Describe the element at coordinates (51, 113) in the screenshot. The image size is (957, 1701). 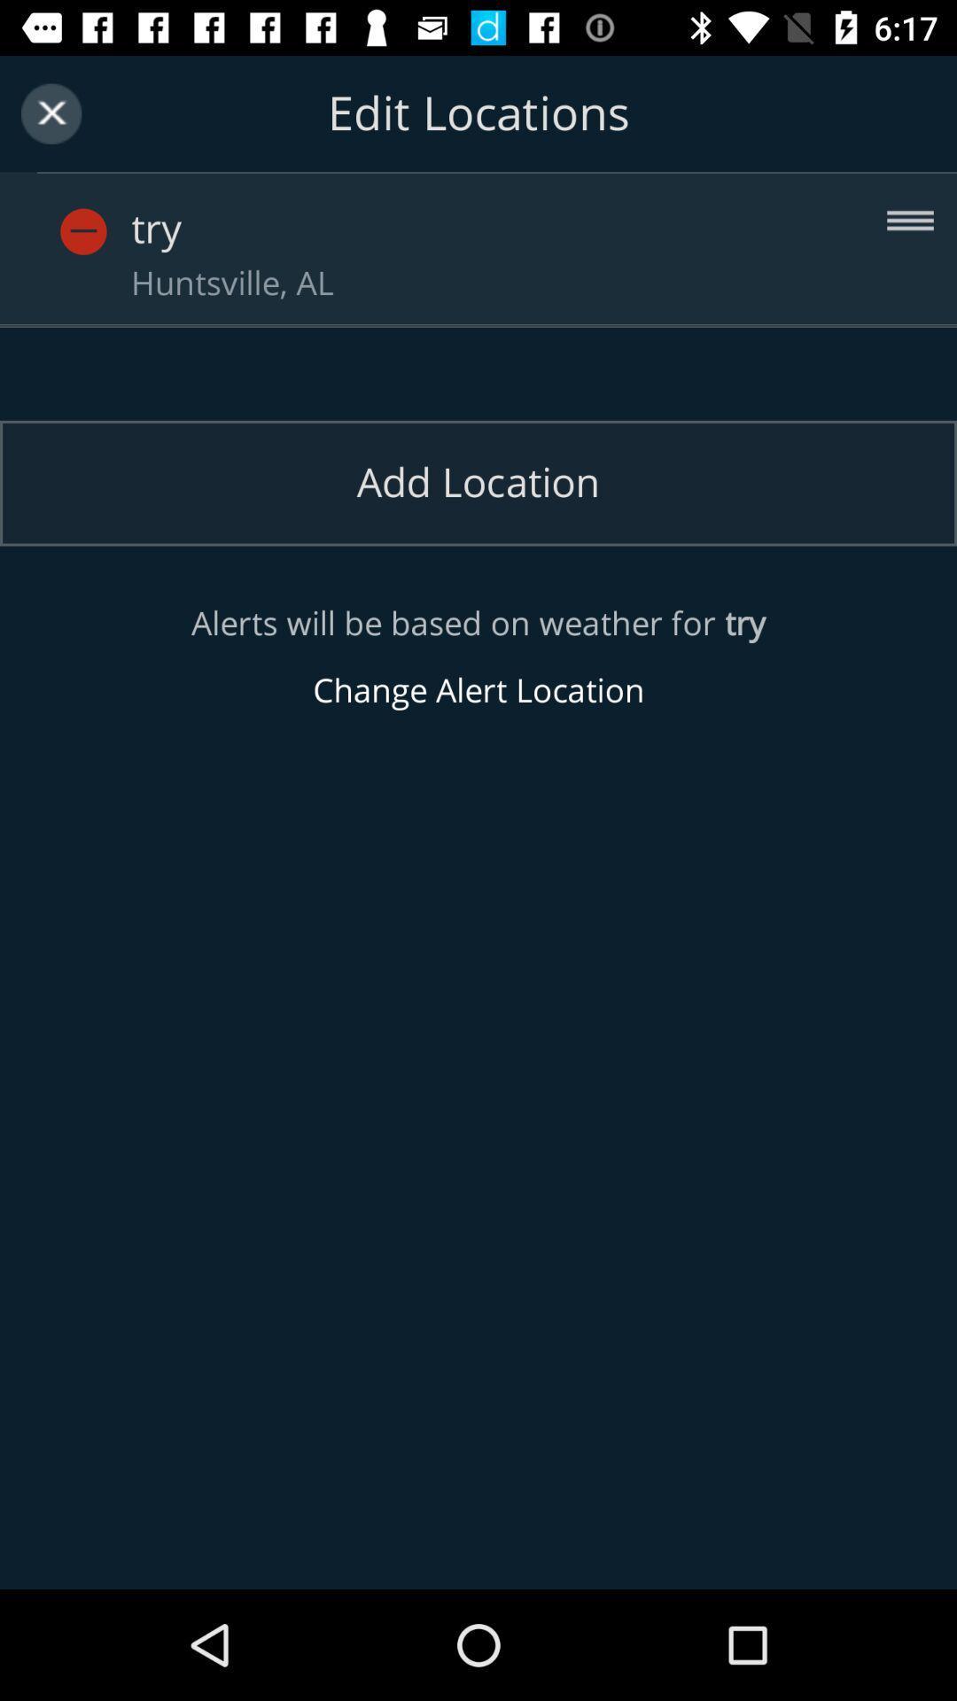
I see `item to the left of the edit locations` at that location.